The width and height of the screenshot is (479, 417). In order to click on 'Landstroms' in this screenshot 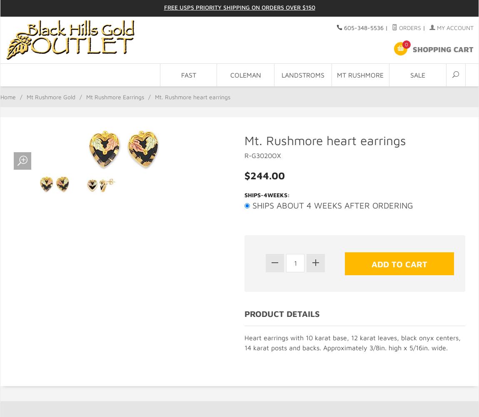, I will do `click(302, 75)`.